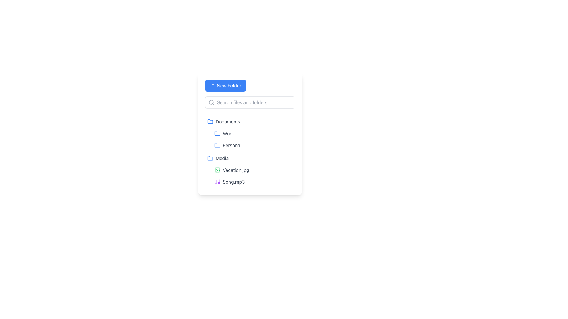 The image size is (568, 319). I want to click on the 'Personal' folder item, which is the second item in a vertical list of folder entries, so click(254, 145).